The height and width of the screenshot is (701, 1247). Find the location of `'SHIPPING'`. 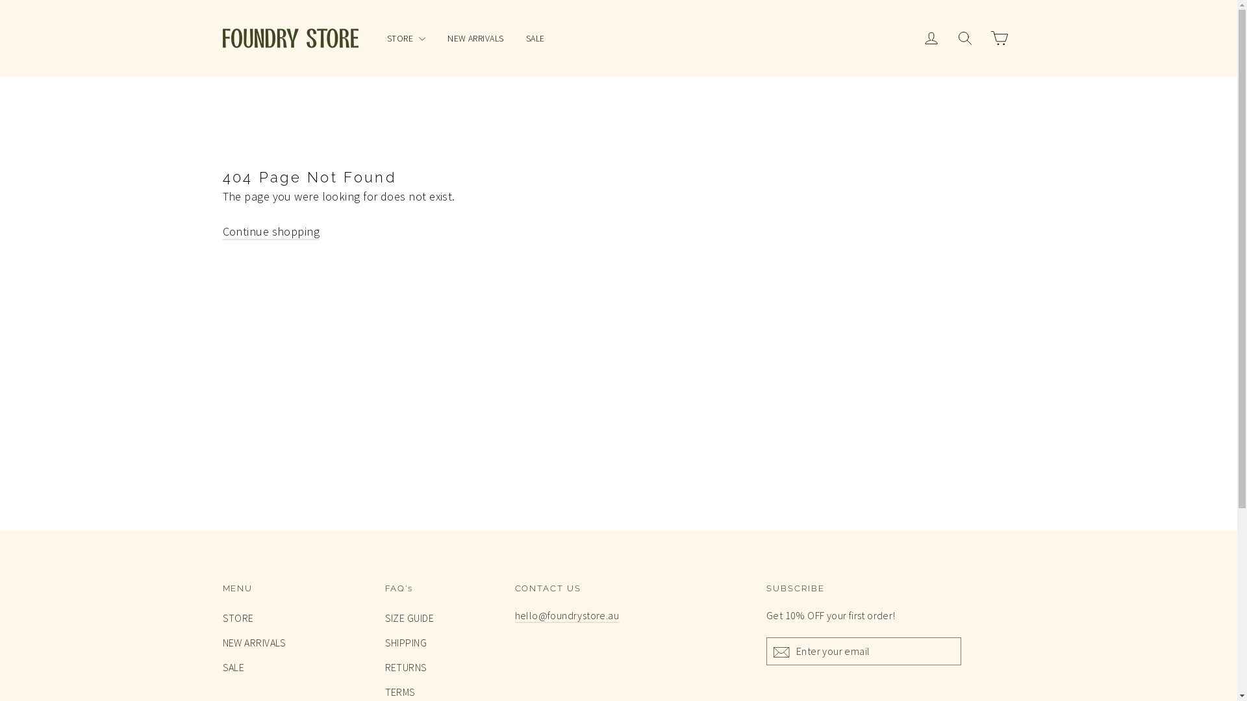

'SHIPPING' is located at coordinates (383, 643).